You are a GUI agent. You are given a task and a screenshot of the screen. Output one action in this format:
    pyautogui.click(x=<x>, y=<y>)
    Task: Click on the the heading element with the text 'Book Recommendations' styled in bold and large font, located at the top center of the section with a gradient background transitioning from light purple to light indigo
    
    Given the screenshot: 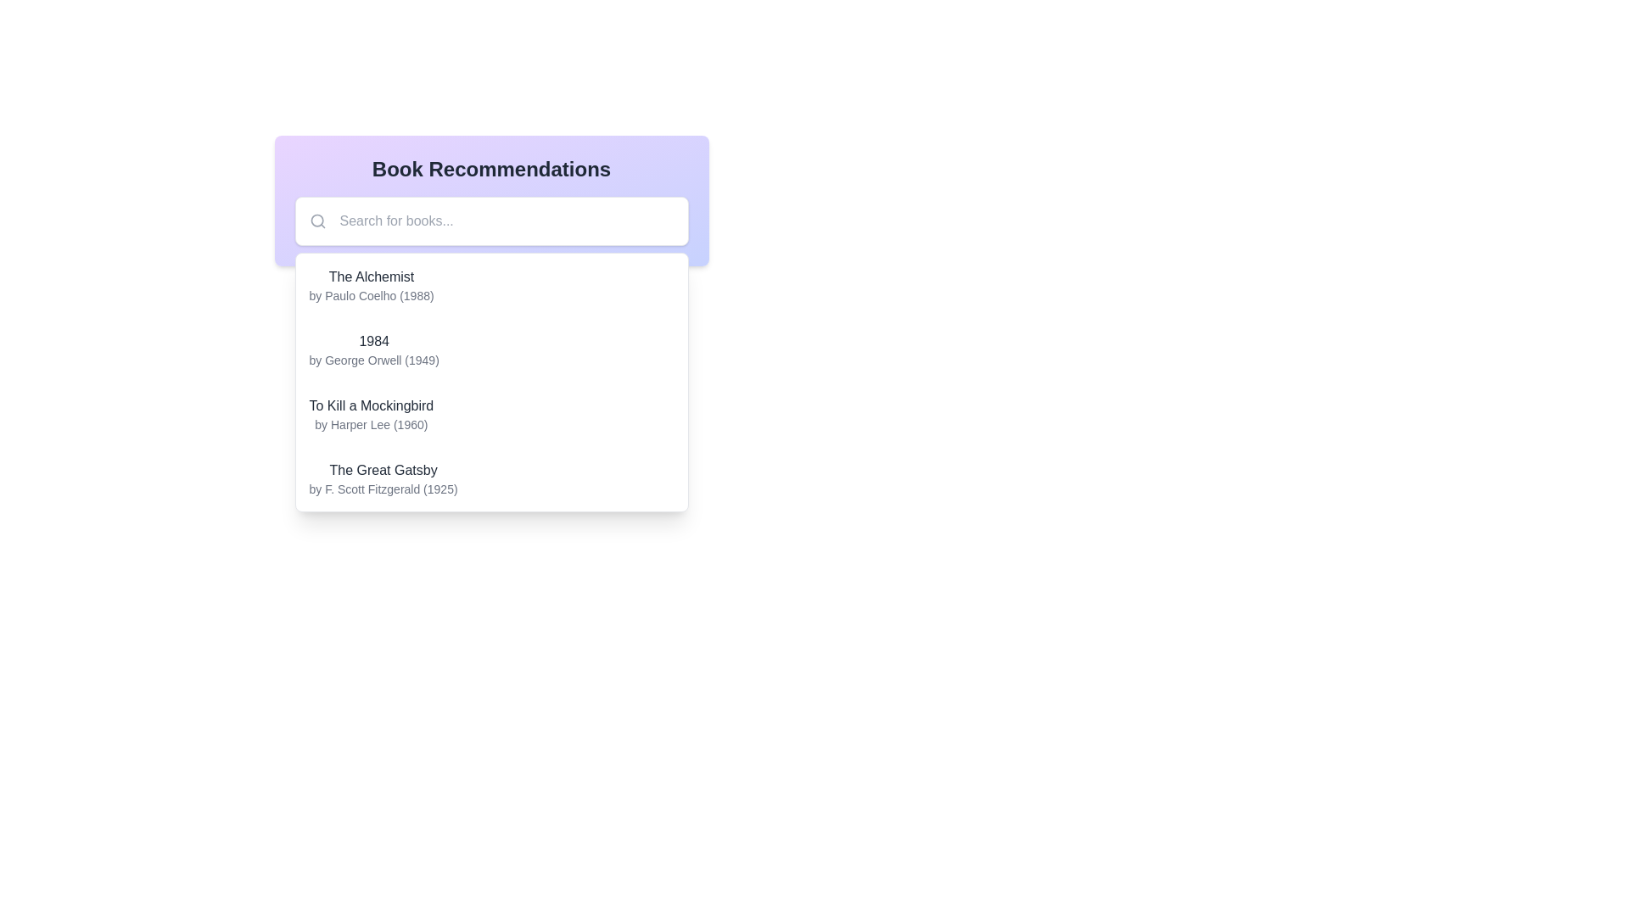 What is the action you would take?
    pyautogui.click(x=490, y=170)
    